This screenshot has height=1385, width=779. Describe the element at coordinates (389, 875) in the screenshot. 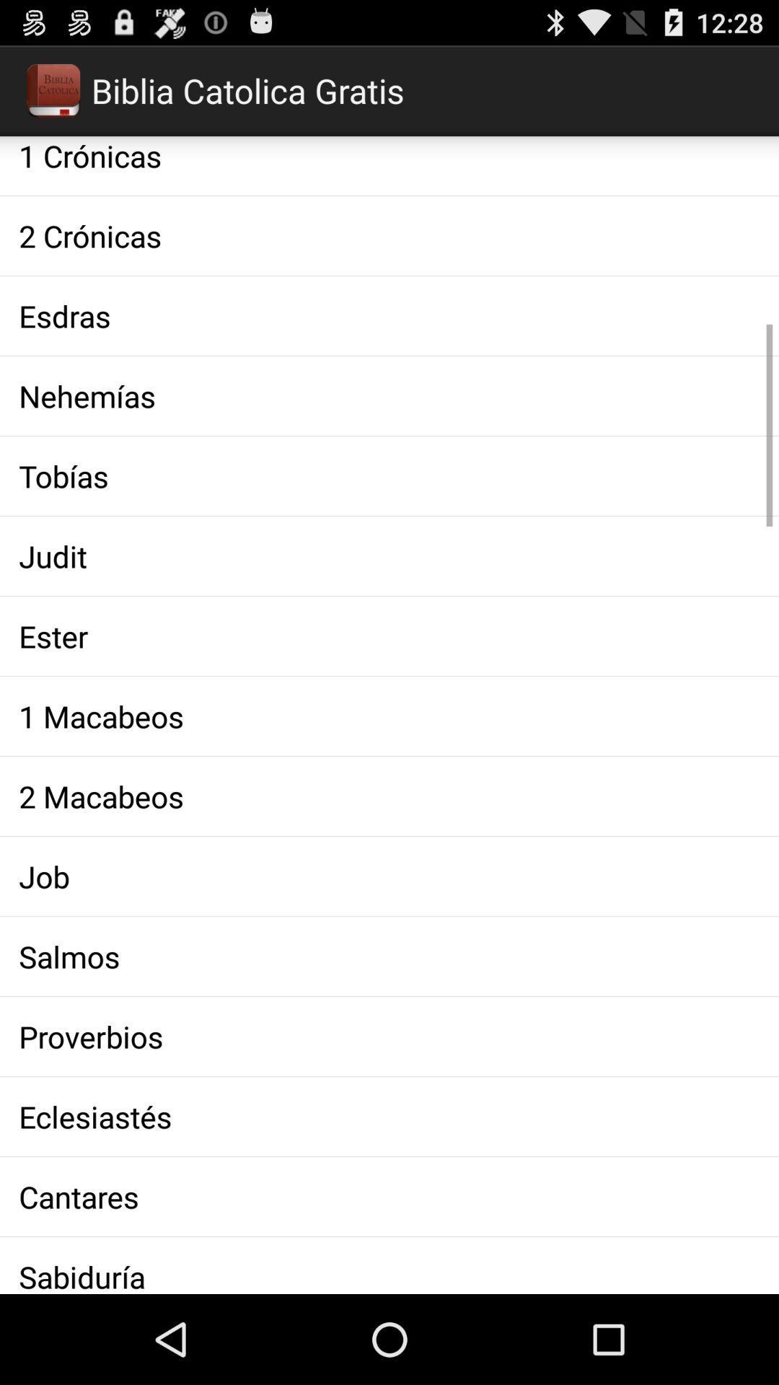

I see `the job app` at that location.